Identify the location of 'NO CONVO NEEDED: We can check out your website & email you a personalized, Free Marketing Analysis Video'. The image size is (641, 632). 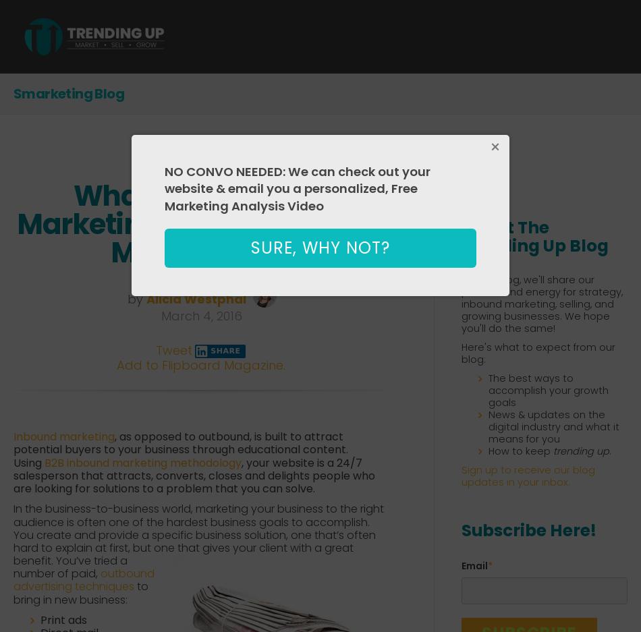
(163, 188).